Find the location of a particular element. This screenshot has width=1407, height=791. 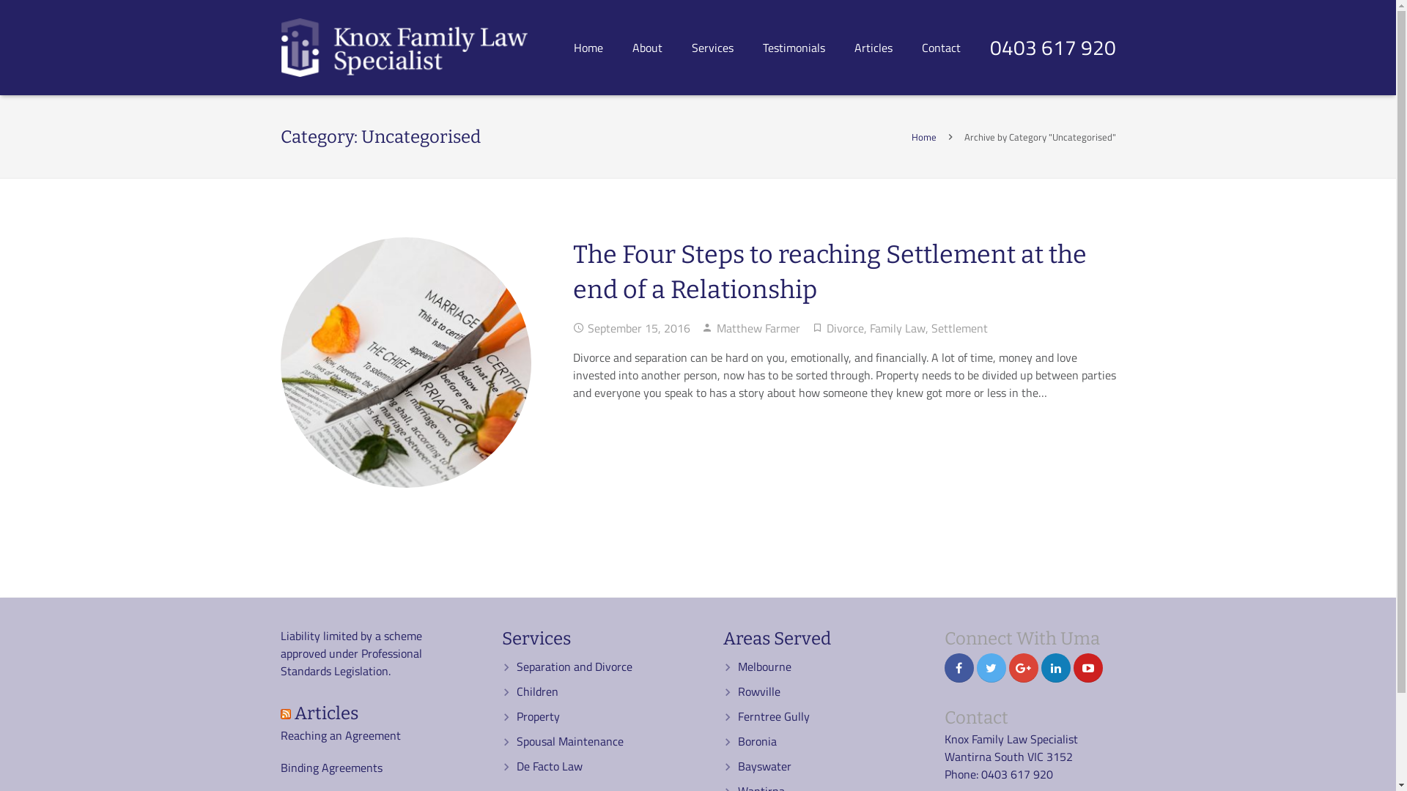

'Boronia' is located at coordinates (757, 740).